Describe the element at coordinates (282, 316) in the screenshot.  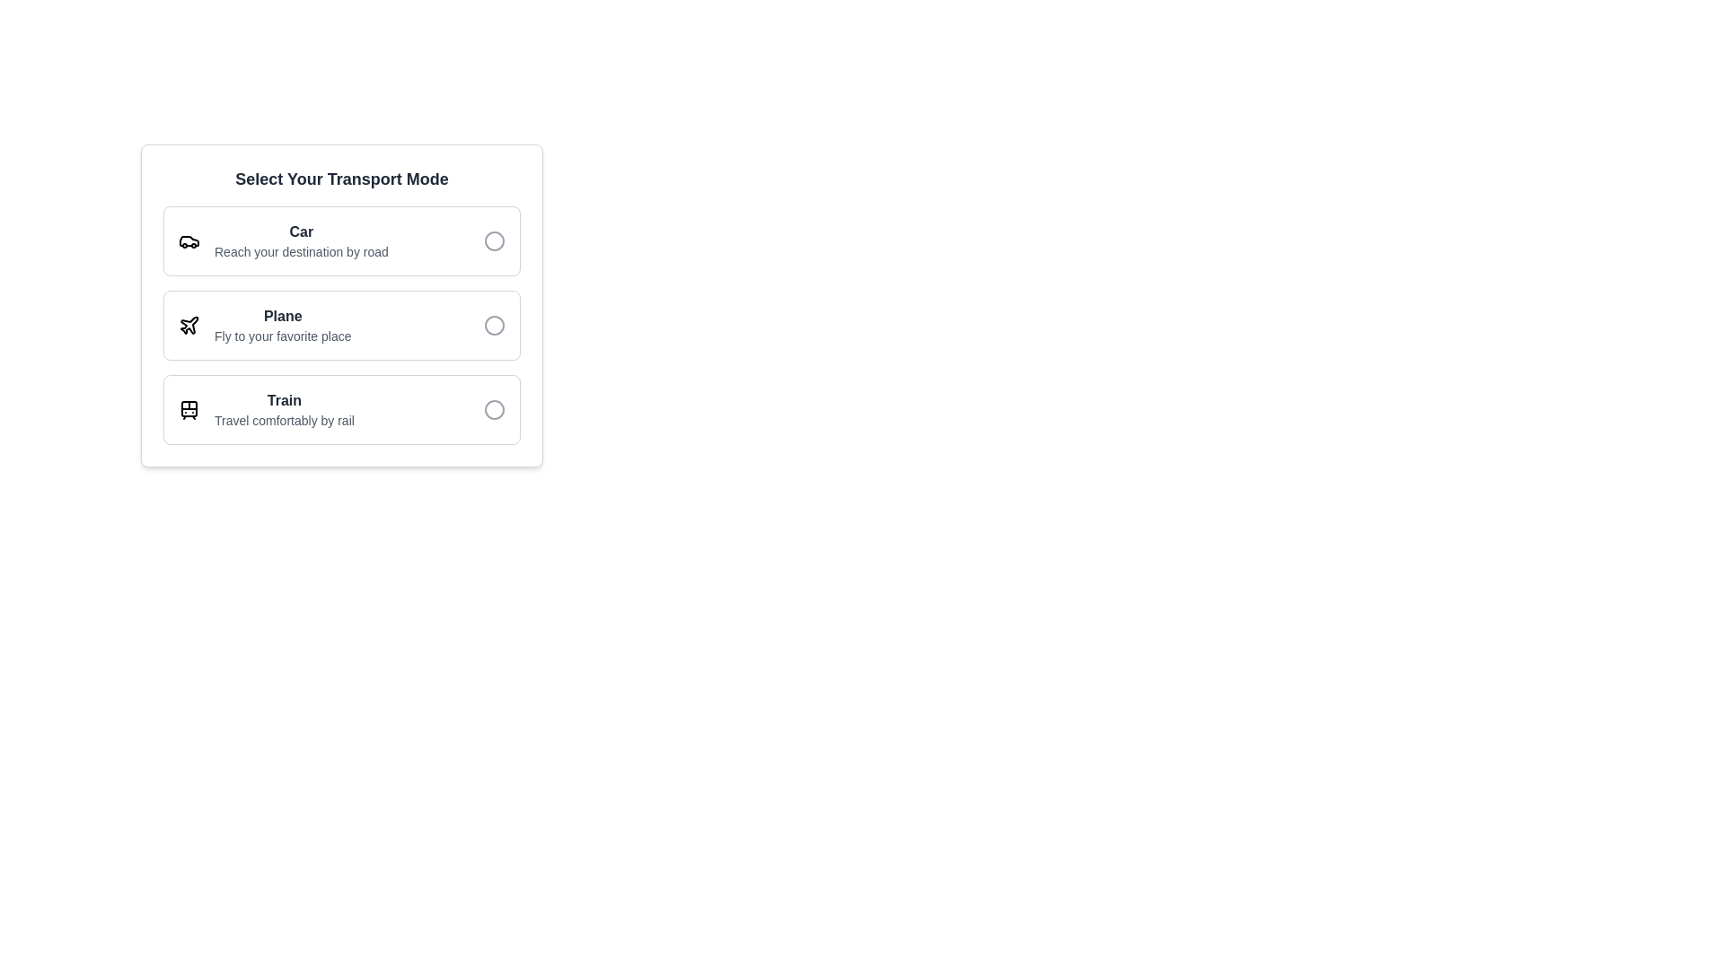
I see `the 'Plane' text label in bold, dark text that is located in the second card of transportation options for highlighting effects` at that location.